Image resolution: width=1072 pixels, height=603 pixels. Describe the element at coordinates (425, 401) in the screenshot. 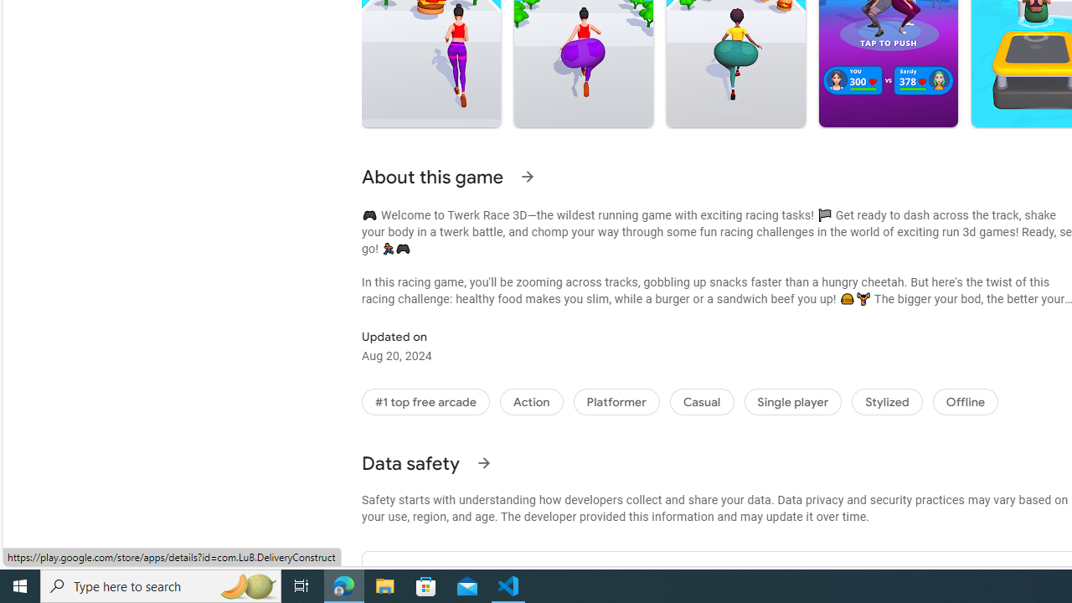

I see `'#1 top free arcade'` at that location.